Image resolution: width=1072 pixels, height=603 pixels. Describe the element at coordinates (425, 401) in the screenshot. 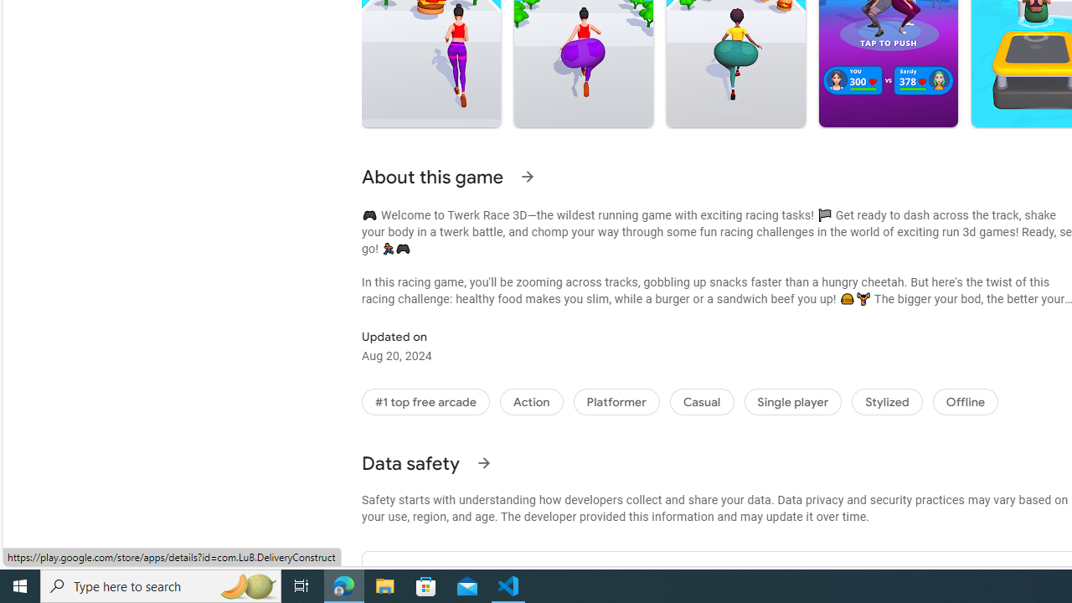

I see `'#1 top free arcade'` at that location.